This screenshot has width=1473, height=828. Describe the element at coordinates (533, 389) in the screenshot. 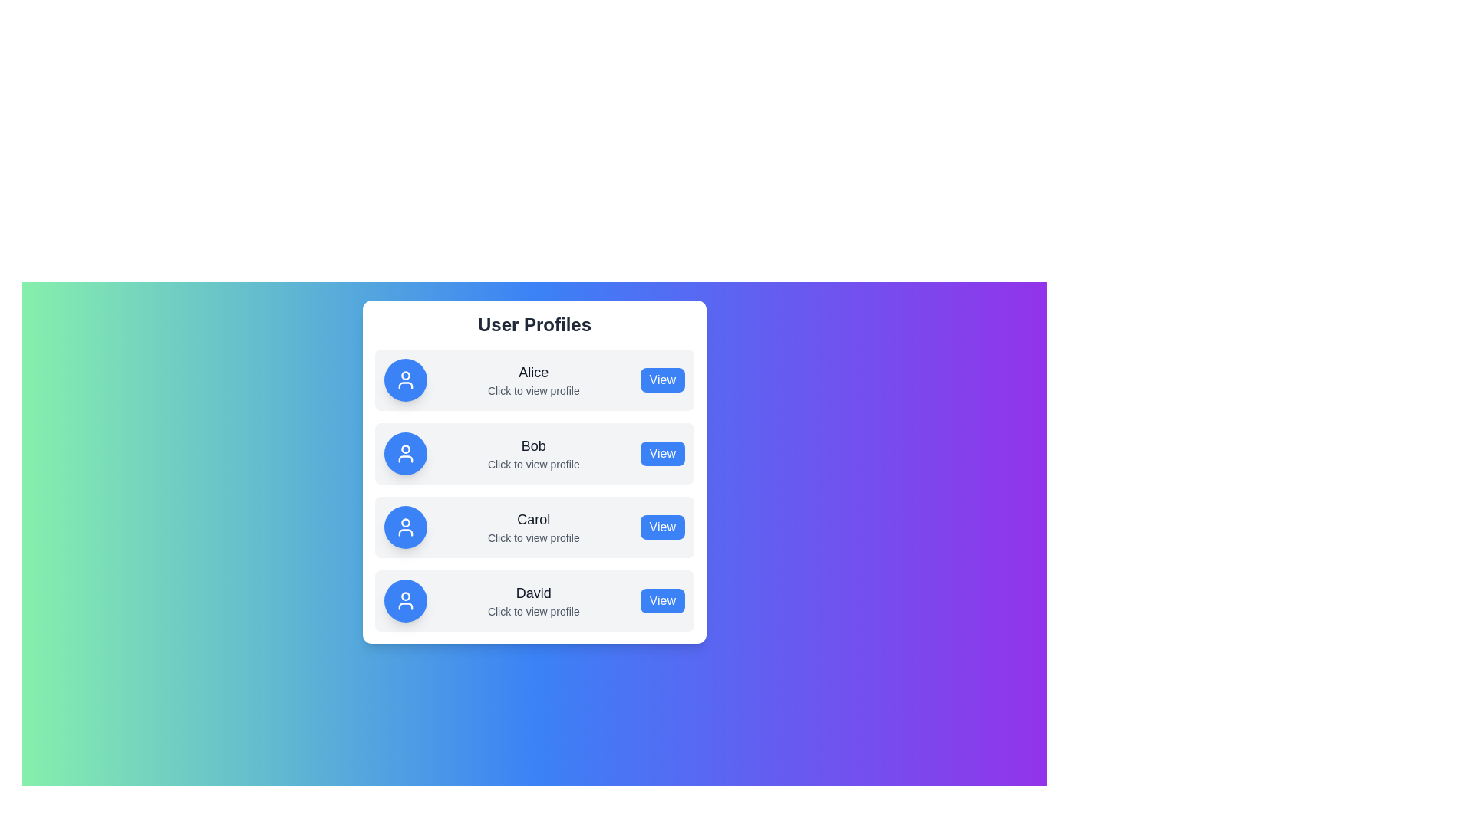

I see `the text label that reads 'Click` at that location.